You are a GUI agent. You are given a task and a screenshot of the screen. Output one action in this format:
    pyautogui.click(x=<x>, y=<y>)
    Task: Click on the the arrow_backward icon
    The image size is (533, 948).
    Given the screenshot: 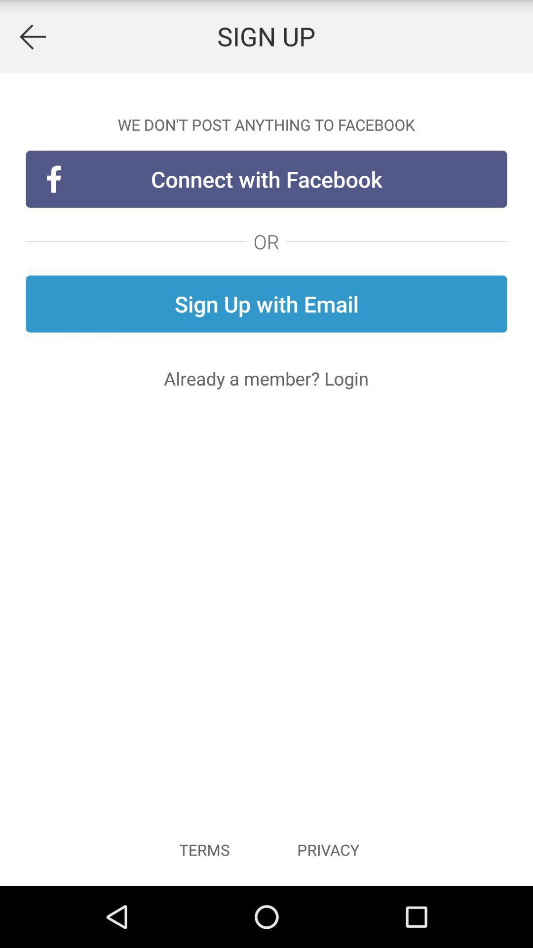 What is the action you would take?
    pyautogui.click(x=32, y=39)
    